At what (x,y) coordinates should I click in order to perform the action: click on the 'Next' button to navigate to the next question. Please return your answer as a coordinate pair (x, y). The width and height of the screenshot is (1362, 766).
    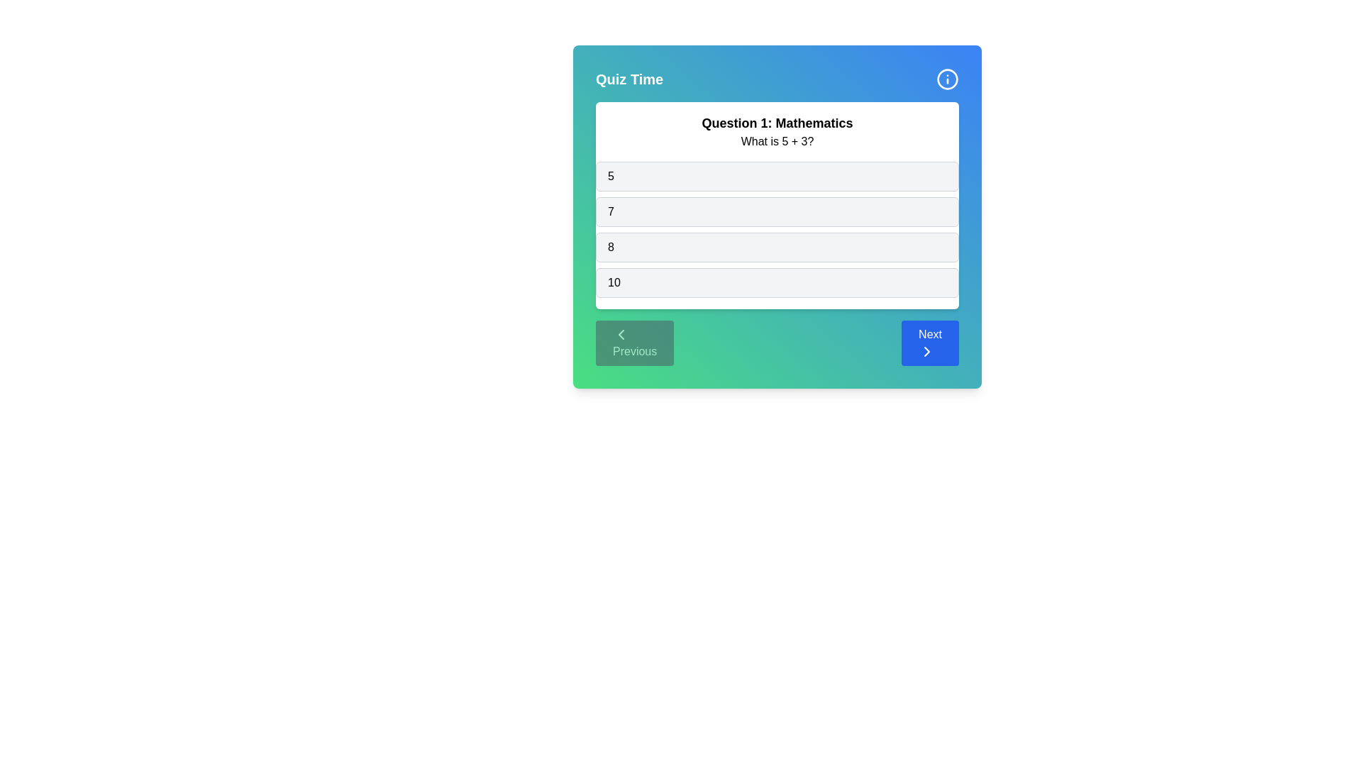
    Looking at the image, I should click on (929, 343).